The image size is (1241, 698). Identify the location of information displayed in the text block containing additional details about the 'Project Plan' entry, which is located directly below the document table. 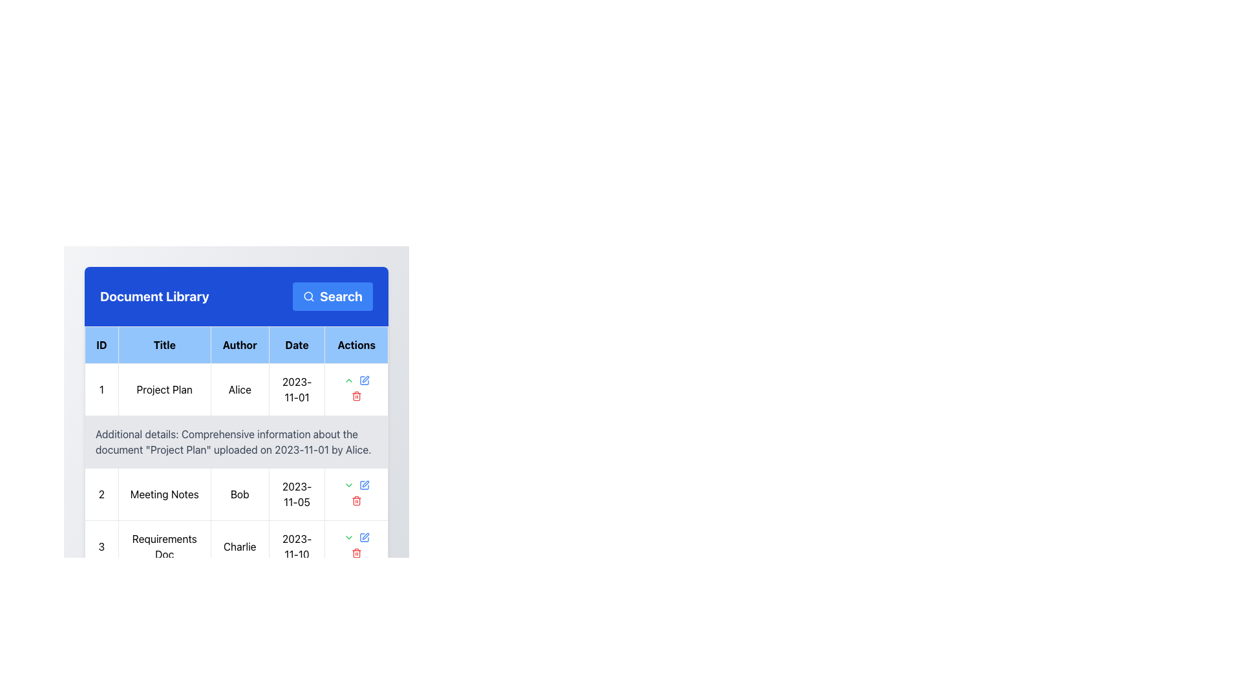
(236, 441).